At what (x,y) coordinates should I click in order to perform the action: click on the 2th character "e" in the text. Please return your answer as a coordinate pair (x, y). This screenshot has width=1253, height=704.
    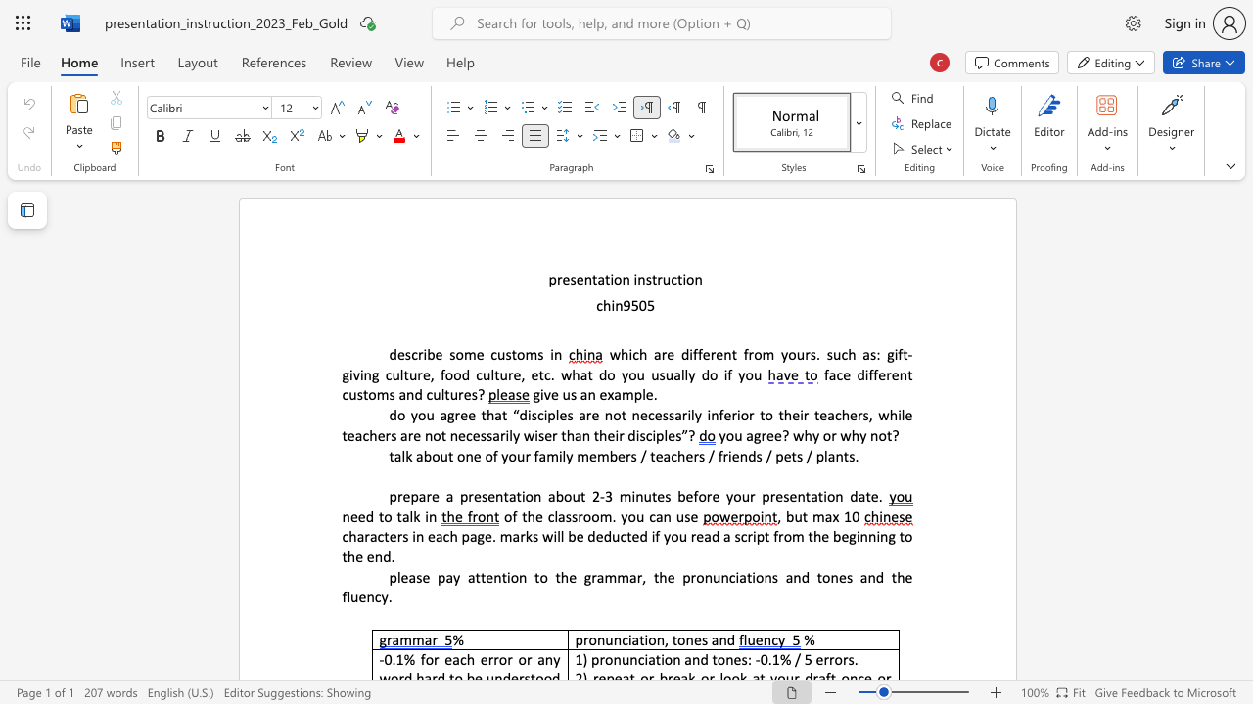
    Looking at the image, I should click on (361, 515).